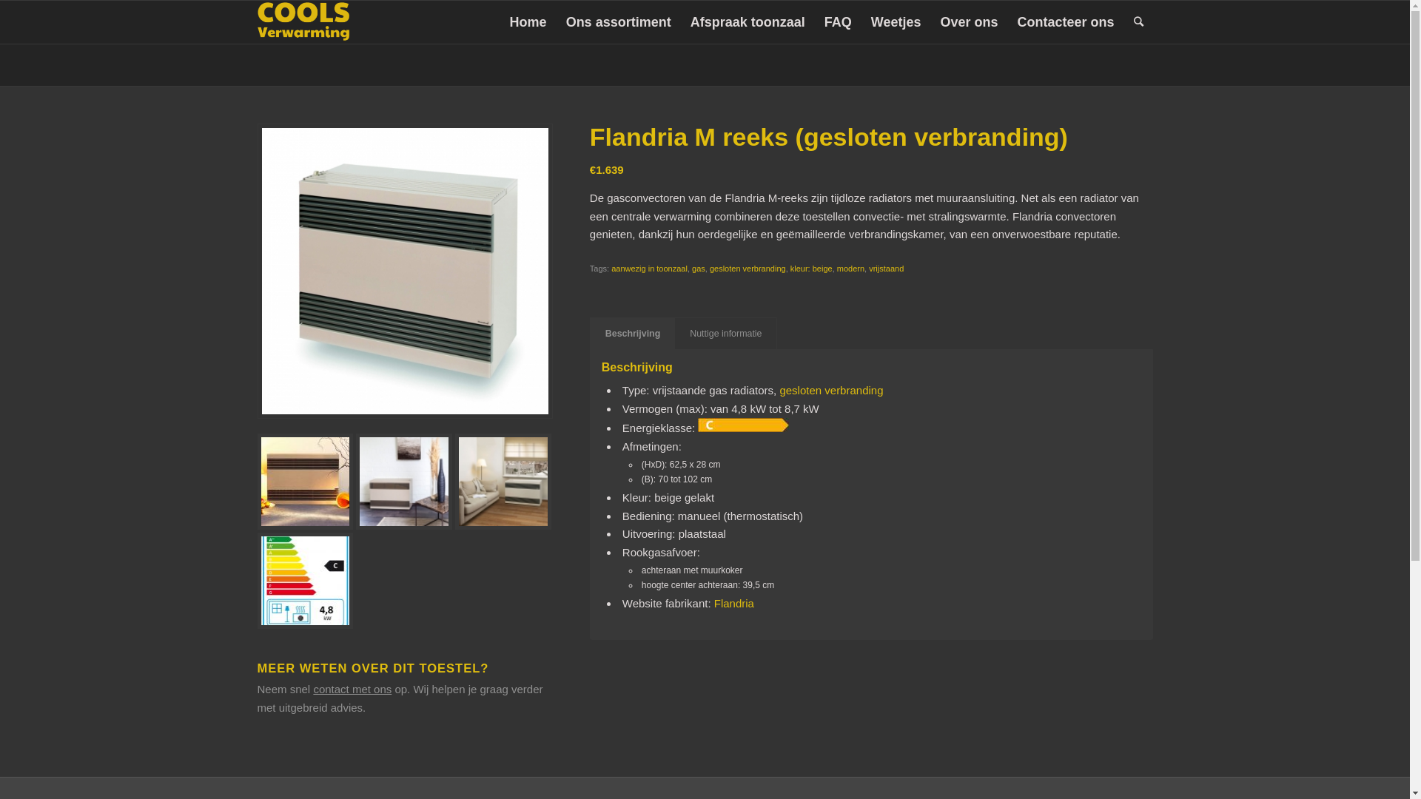 Image resolution: width=1421 pixels, height=799 pixels. Describe the element at coordinates (588, 334) in the screenshot. I see `'Beschrijving'` at that location.